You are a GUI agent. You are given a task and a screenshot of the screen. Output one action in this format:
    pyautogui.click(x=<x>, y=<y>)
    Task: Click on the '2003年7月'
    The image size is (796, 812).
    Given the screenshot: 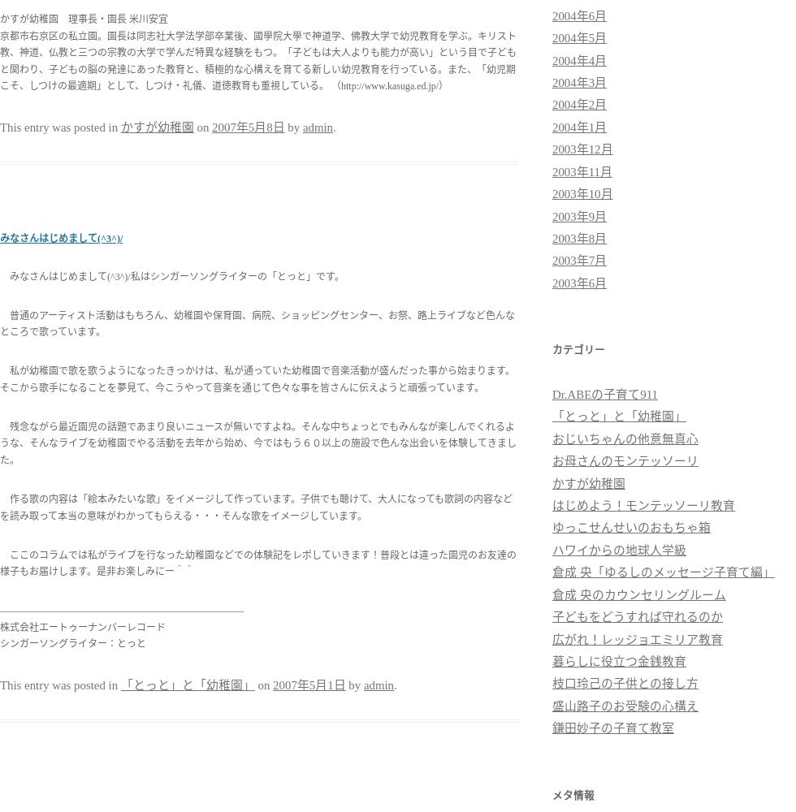 What is the action you would take?
    pyautogui.click(x=579, y=260)
    